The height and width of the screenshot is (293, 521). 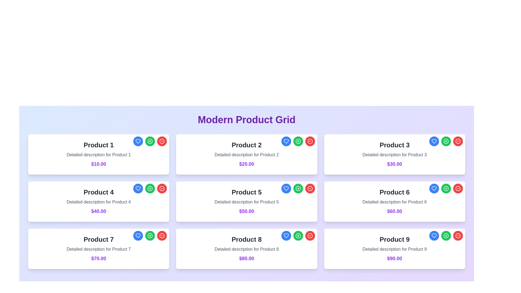 What do you see at coordinates (138, 141) in the screenshot?
I see `the circular blue button with a white heart-shaped outline in the top-right corner of the 'Product 1' card` at bounding box center [138, 141].